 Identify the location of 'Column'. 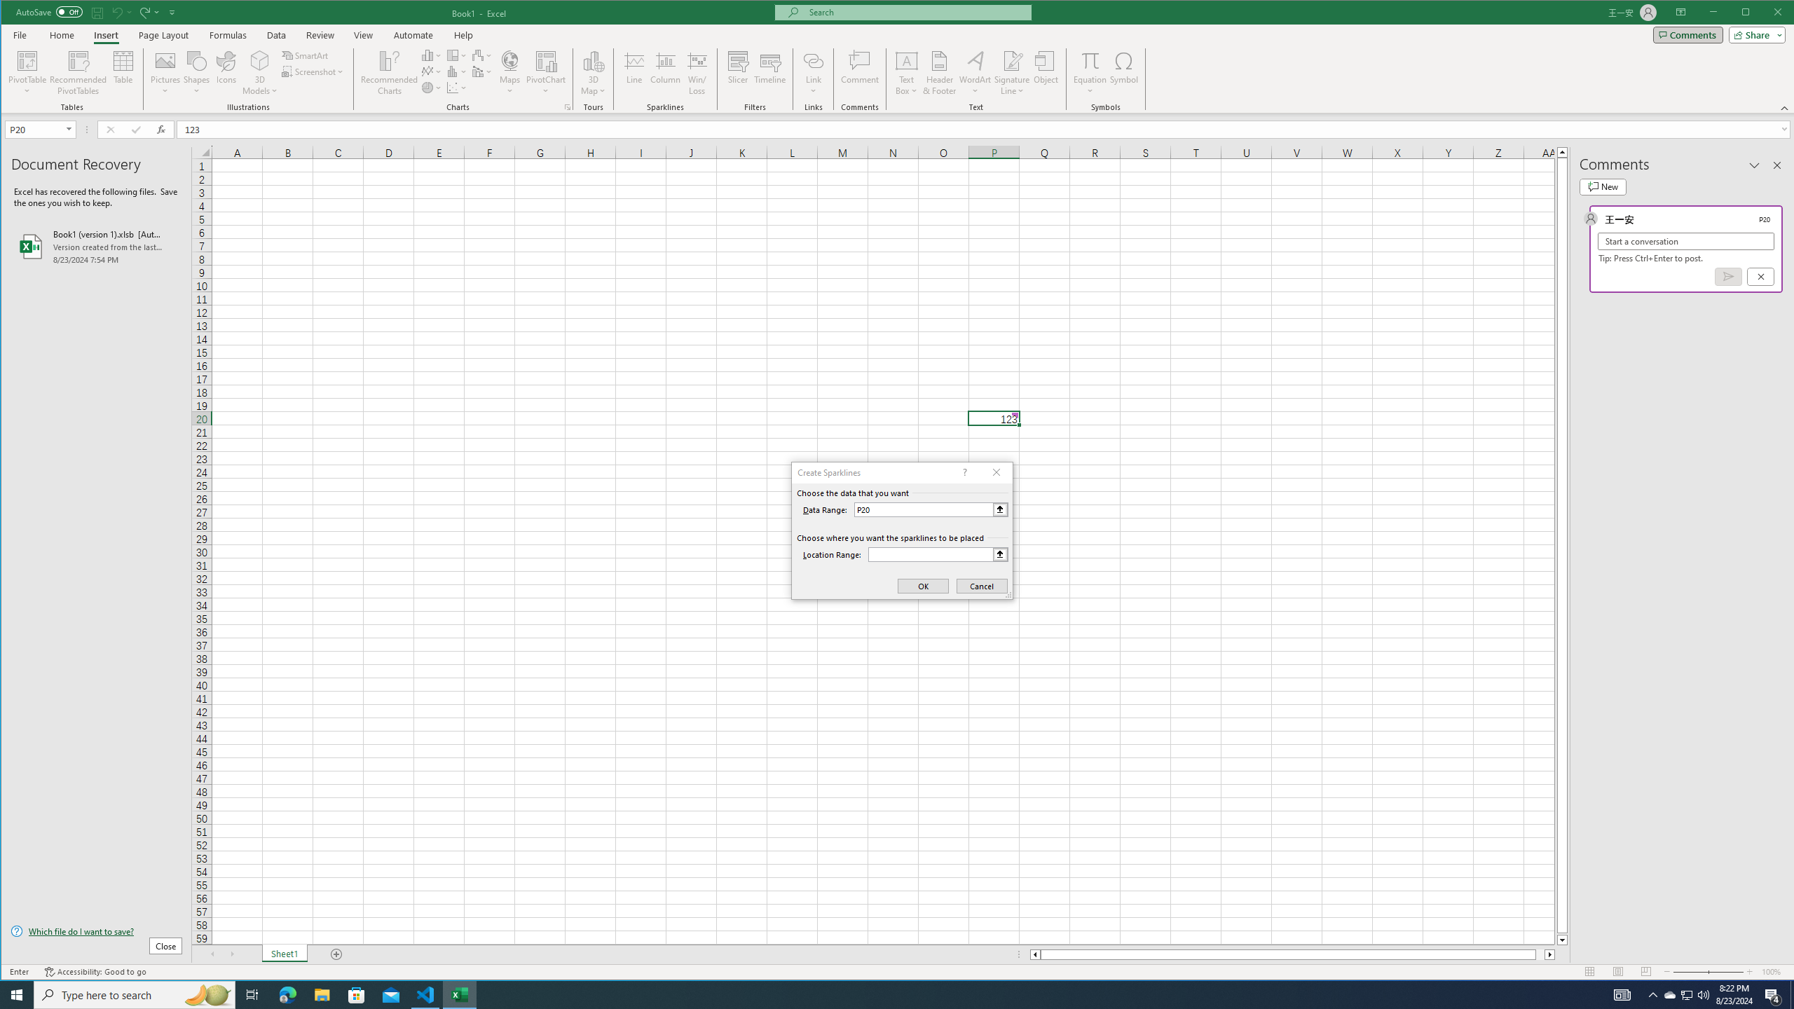
(665, 72).